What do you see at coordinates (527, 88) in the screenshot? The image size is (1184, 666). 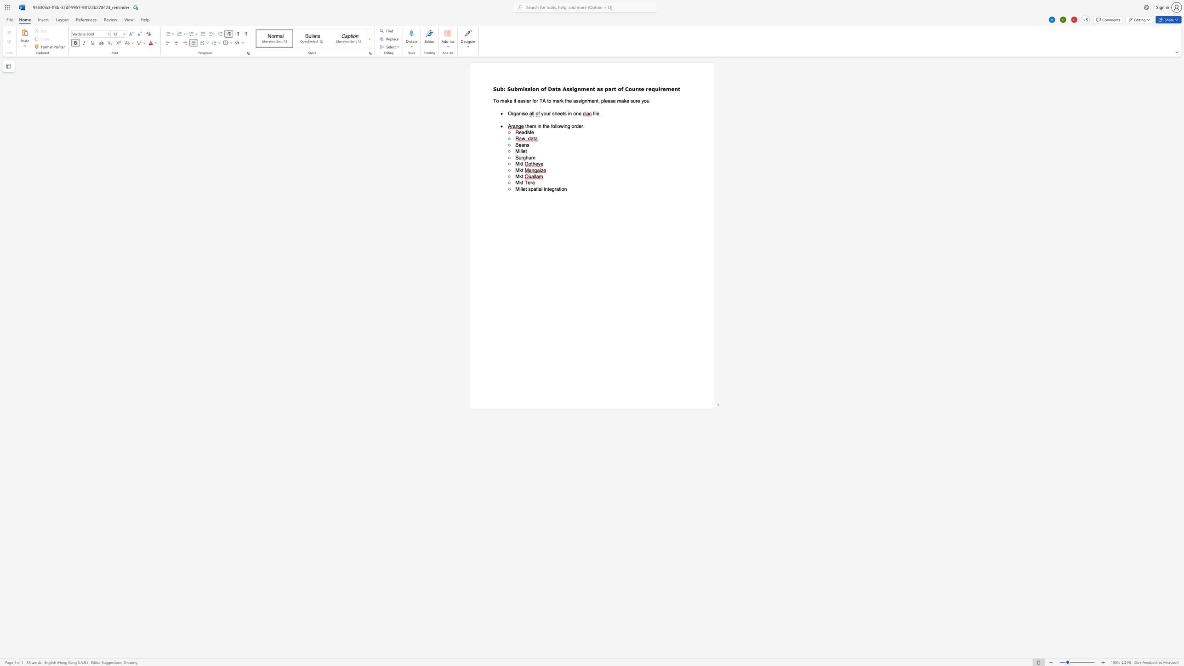 I see `the space between the continuous character "s" and "s" in the text` at bounding box center [527, 88].